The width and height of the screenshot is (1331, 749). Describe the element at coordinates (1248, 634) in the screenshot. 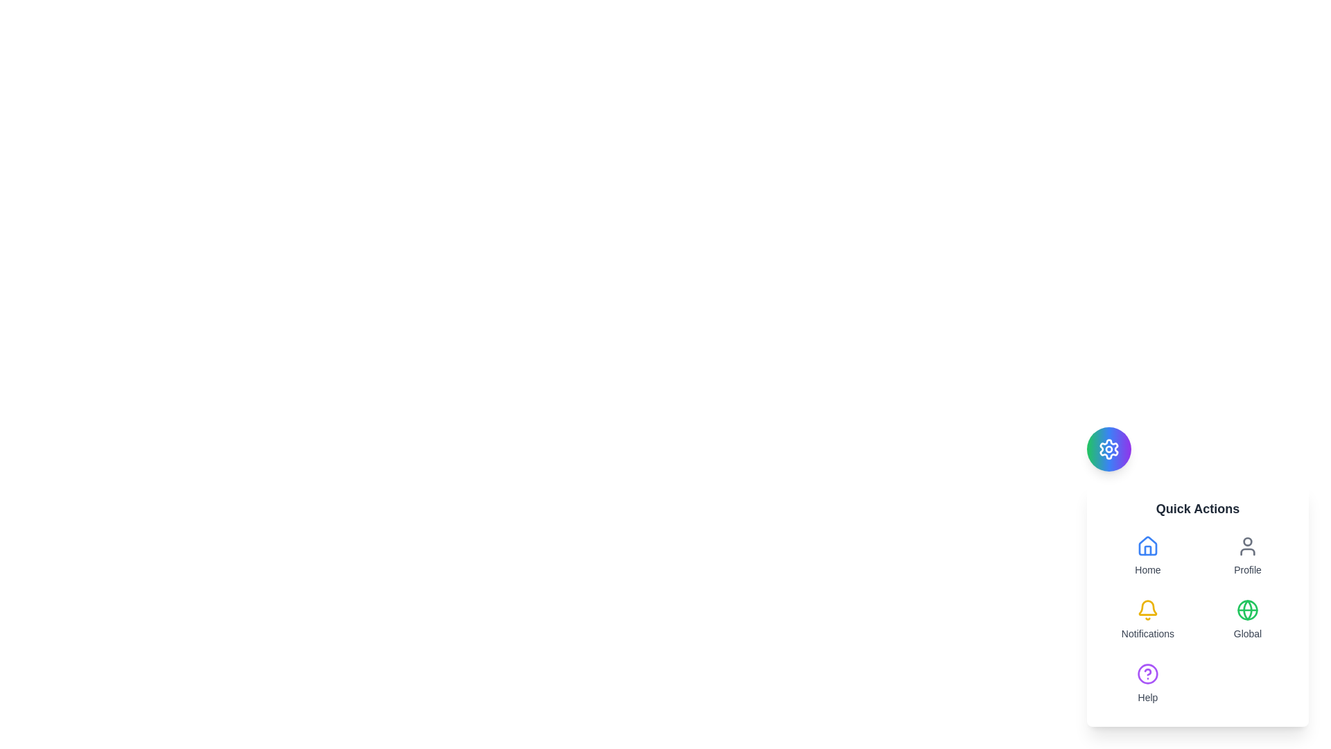

I see `the descriptive text label located directly under the globe icon in the 'Quick Actions' menu, indicating global settings or internationalization, if it supports interactive functionality` at that location.